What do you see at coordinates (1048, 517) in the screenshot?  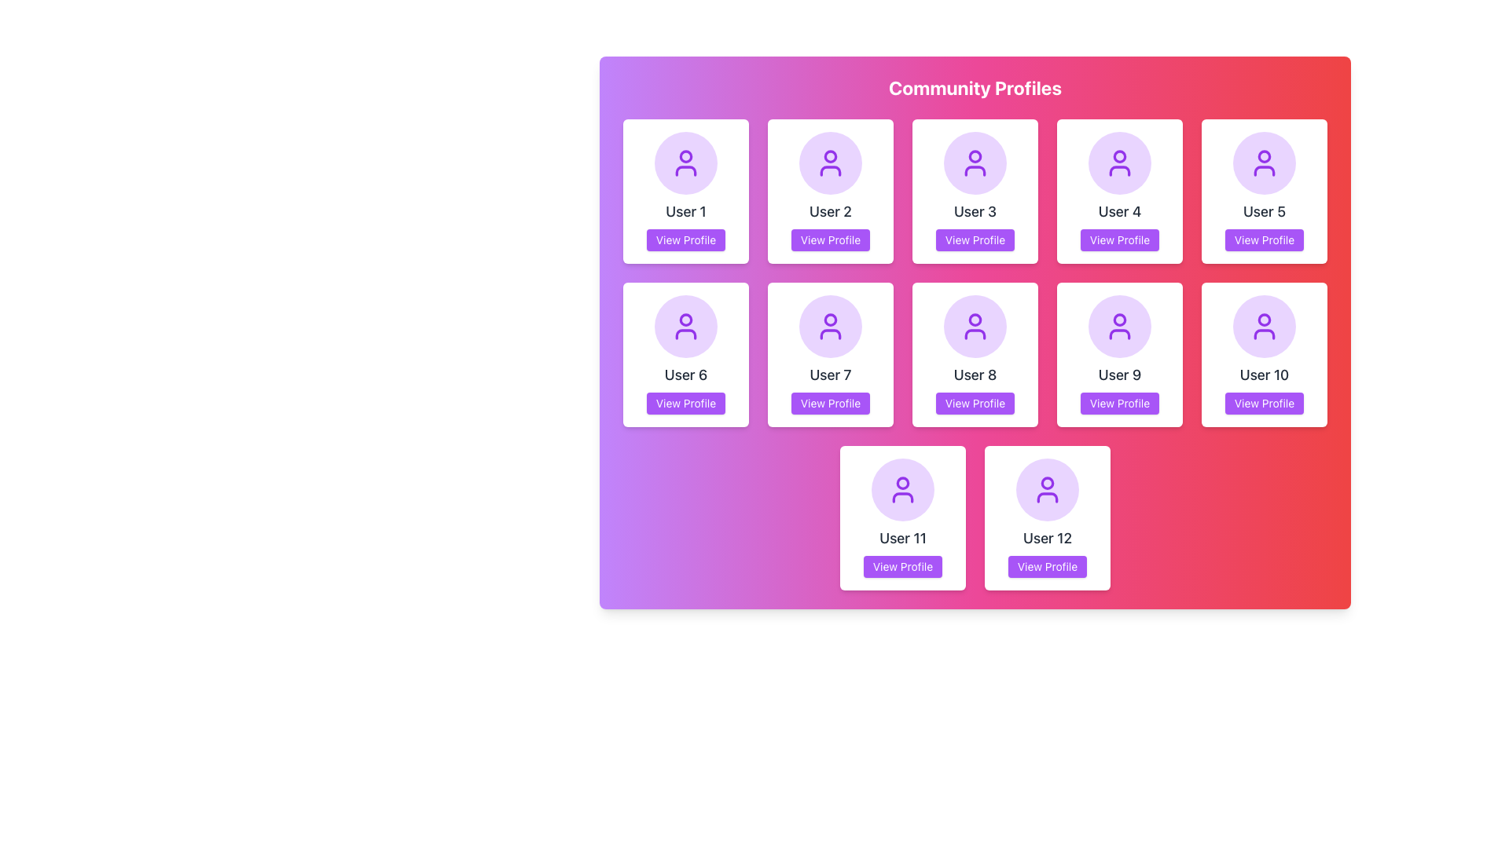 I see `displayed user information from the user profile card showing 'User 12' and the 'View Profile' button, which is the twelfth card in a 4x3 grid layout` at bounding box center [1048, 517].